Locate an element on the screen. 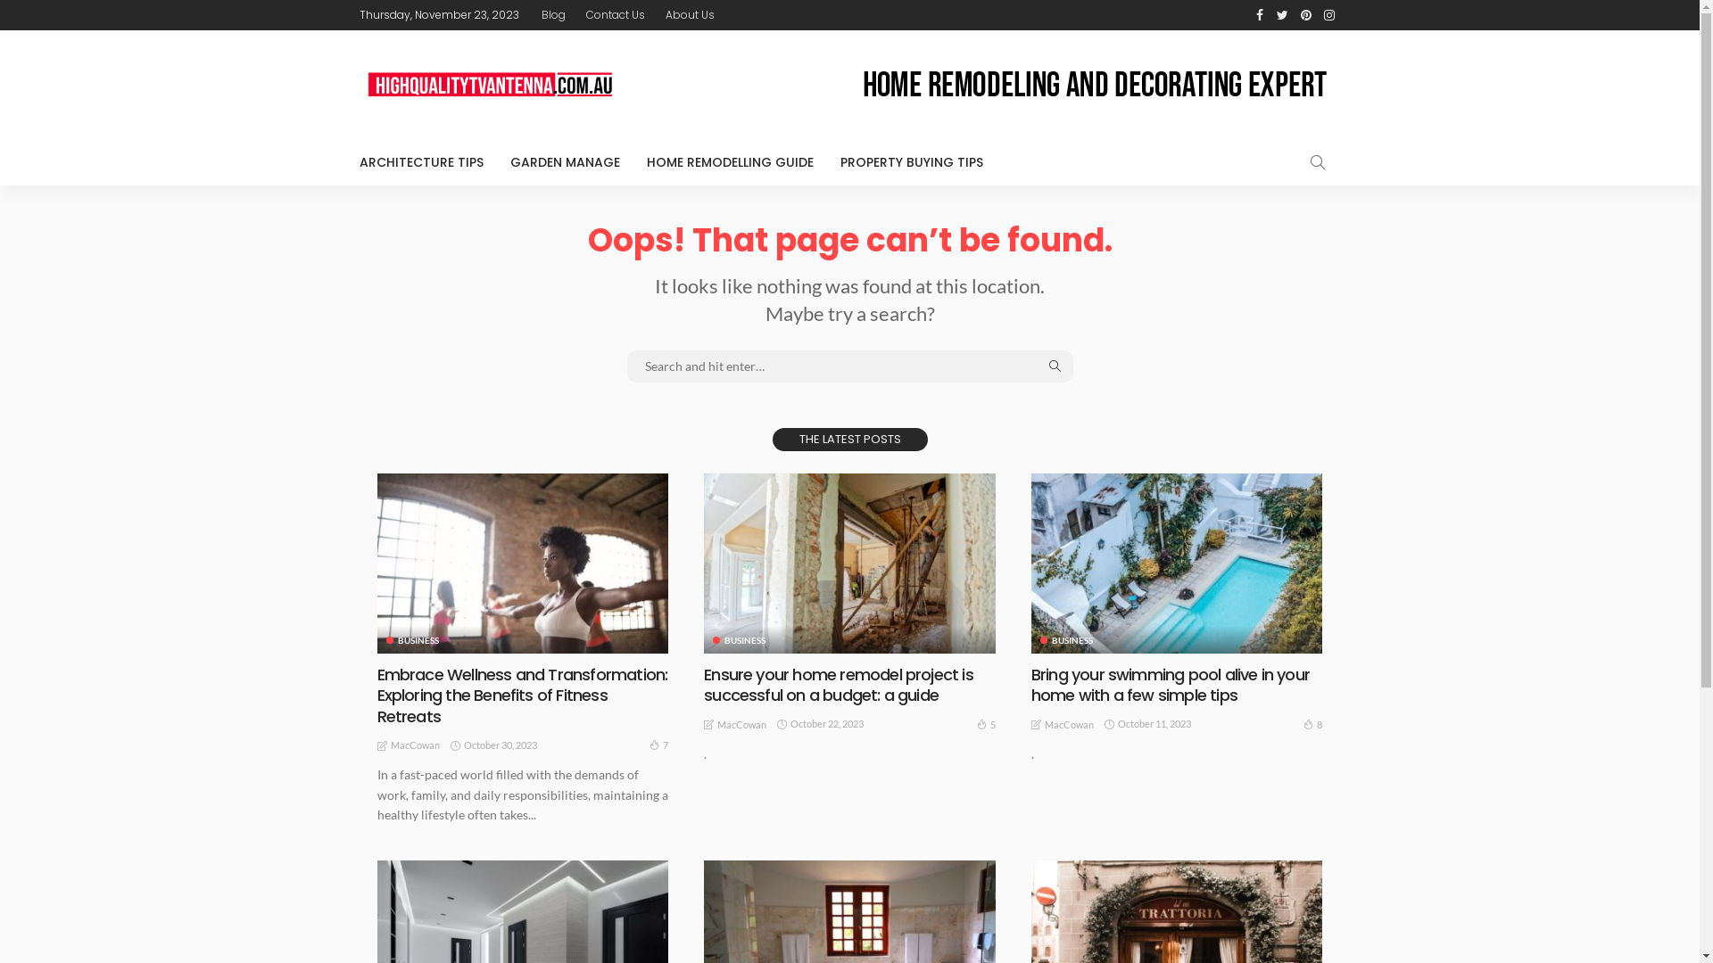  'ARCHITECTURE TIPS' is located at coordinates (426, 161).